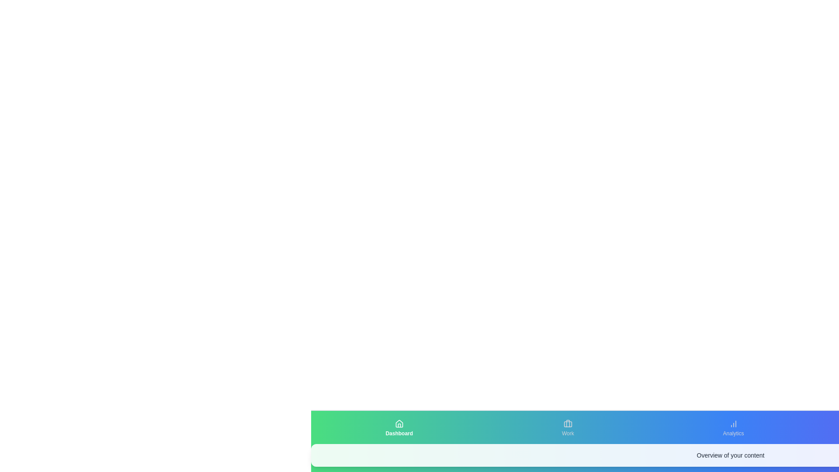 Image resolution: width=839 pixels, height=472 pixels. What do you see at coordinates (399, 427) in the screenshot?
I see `the Dashboard tab to observe the animation effect` at bounding box center [399, 427].